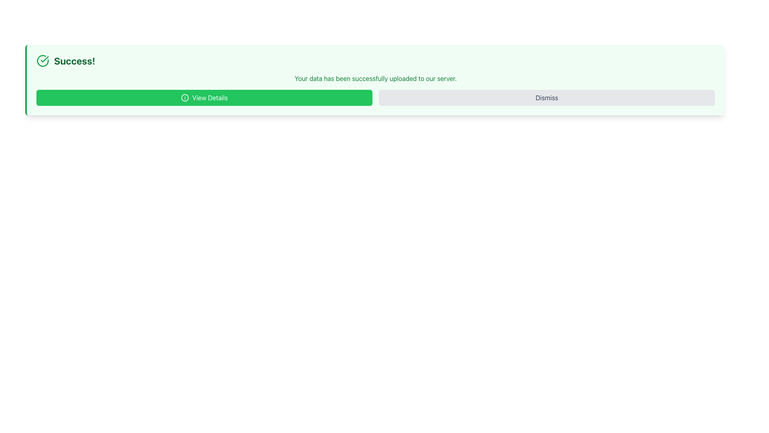 This screenshot has width=769, height=433. Describe the element at coordinates (185, 97) in the screenshot. I see `the informational icon located to the immediate left of the 'View Details' text within the green rectangular button` at that location.